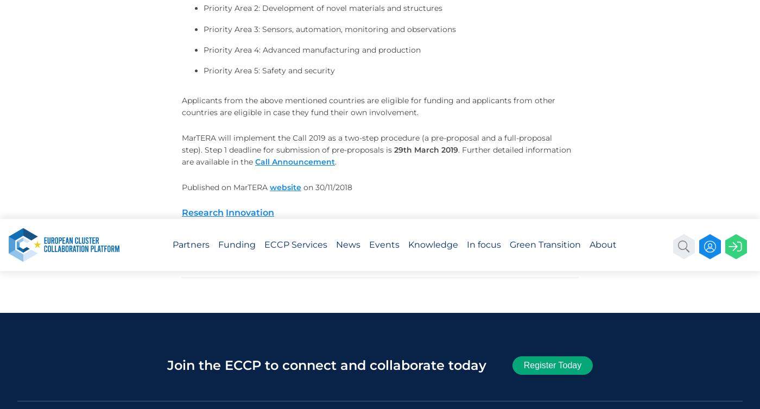 This screenshot has width=760, height=409. Describe the element at coordinates (565, 81) in the screenshot. I see `'The information and views set out in this website are those
of the author(s) and do not necessarily reflect the official opinion of EISMEA,
the European Commission or other European Institutions. EISMEA does not guarantee
the accuracy of the data included in this website. Neither EISMEA, nor the Commission
or any person acting on their behalf may be held responsible for the use which may be
made of the information contained therein.'` at that location.